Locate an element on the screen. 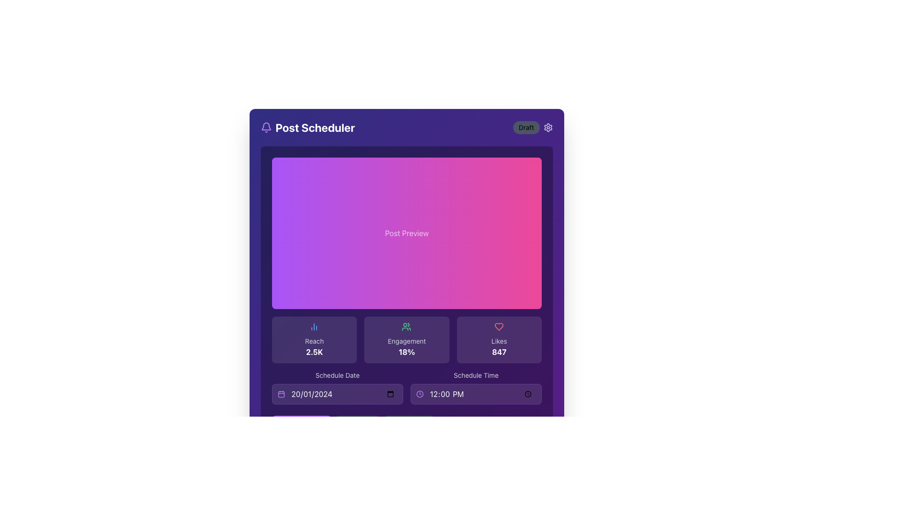 Image resolution: width=899 pixels, height=505 pixels. the label text element that provides context for the date input field located above it in the scheduling section is located at coordinates (337, 375).